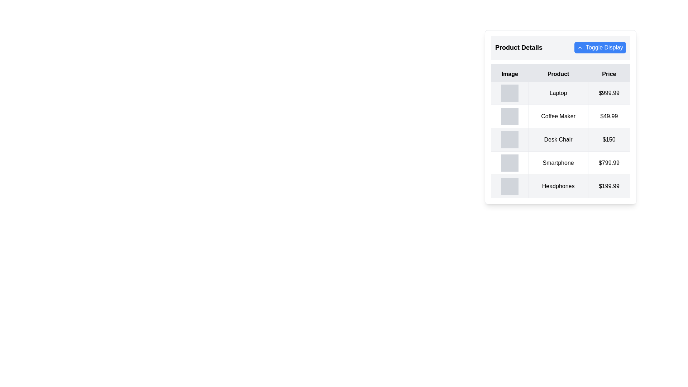  I want to click on the text label displaying 'Image' located in the top-left corner of the table header row, so click(509, 73).